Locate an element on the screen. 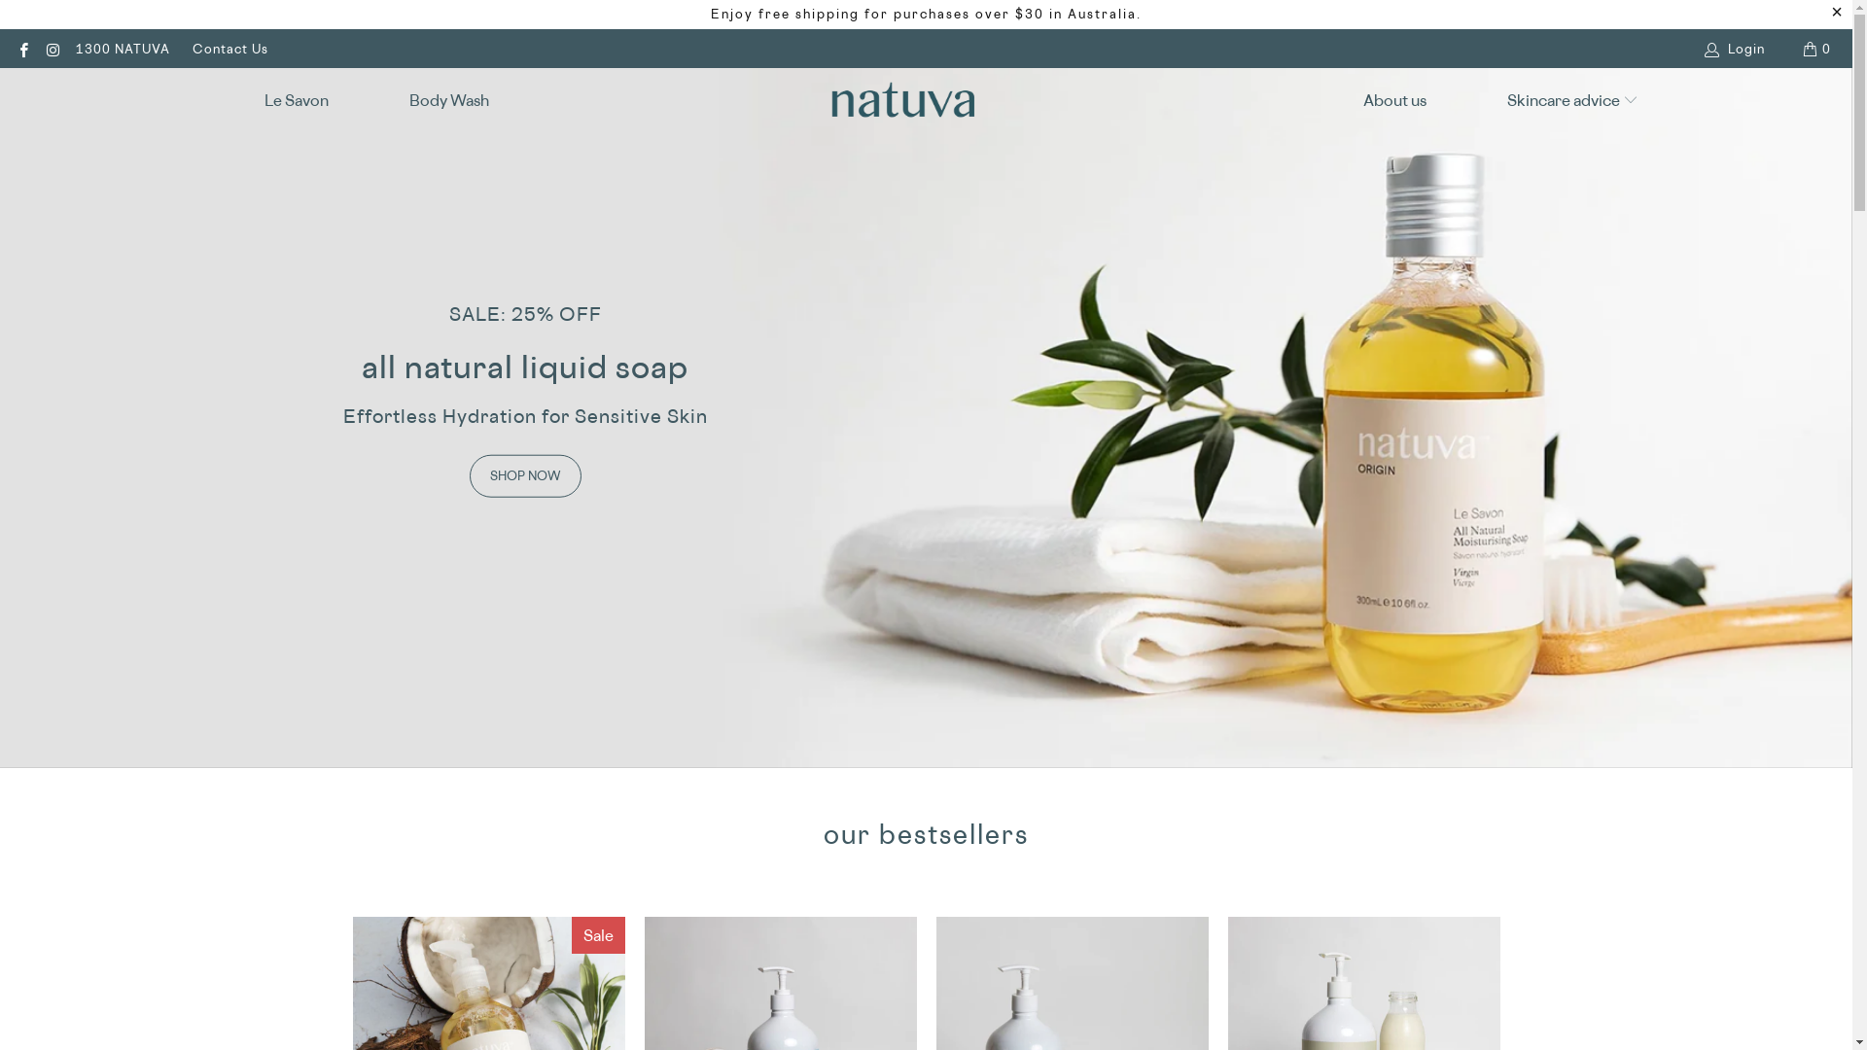  'Natuva Skincare on Facebook' is located at coordinates (22, 48).